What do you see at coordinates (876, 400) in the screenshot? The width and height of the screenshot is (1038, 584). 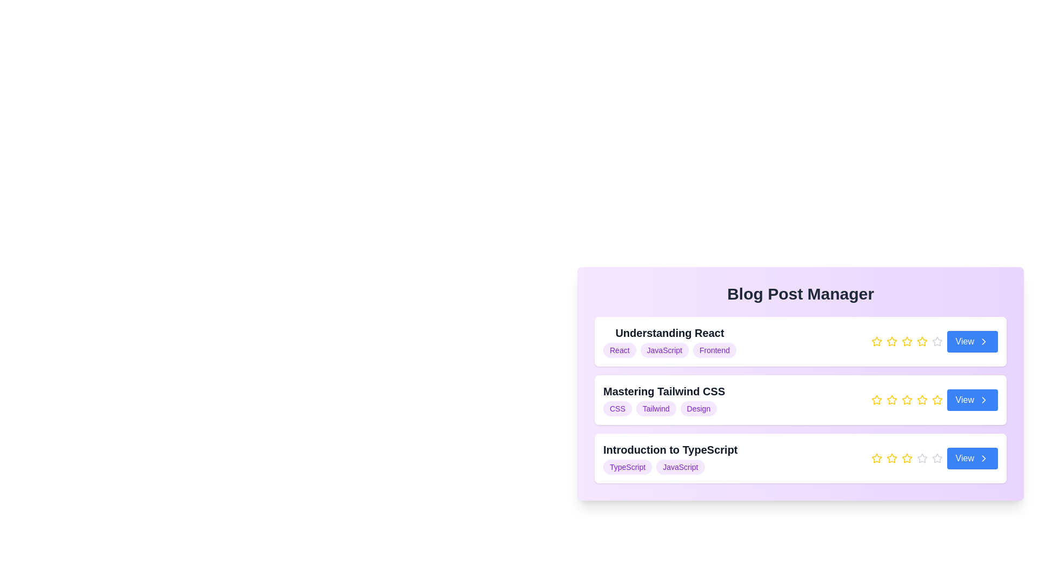 I see `the first star icon` at bounding box center [876, 400].